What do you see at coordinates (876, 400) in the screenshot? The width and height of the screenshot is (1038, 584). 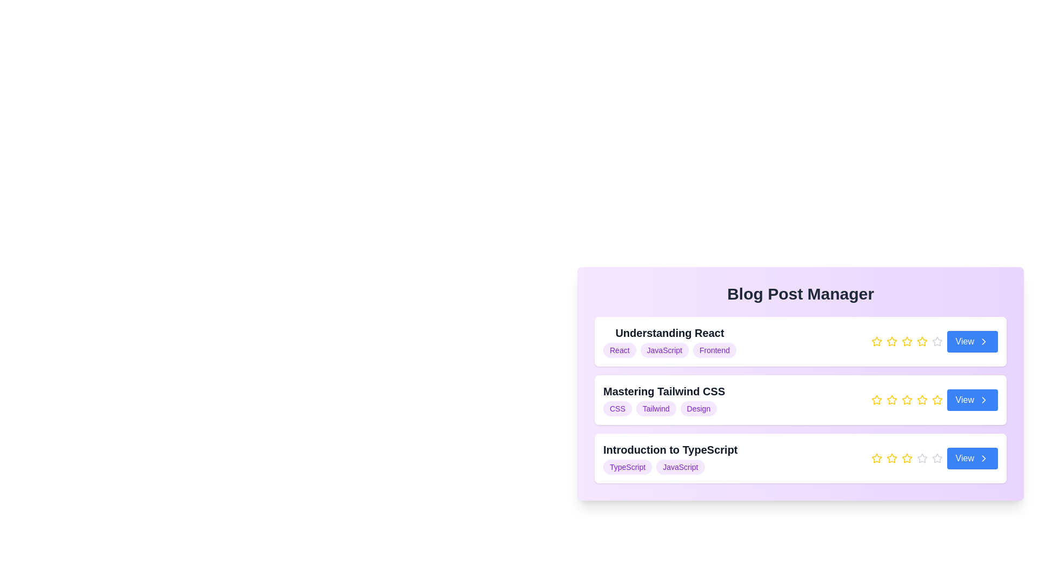 I see `the first star icon` at bounding box center [876, 400].